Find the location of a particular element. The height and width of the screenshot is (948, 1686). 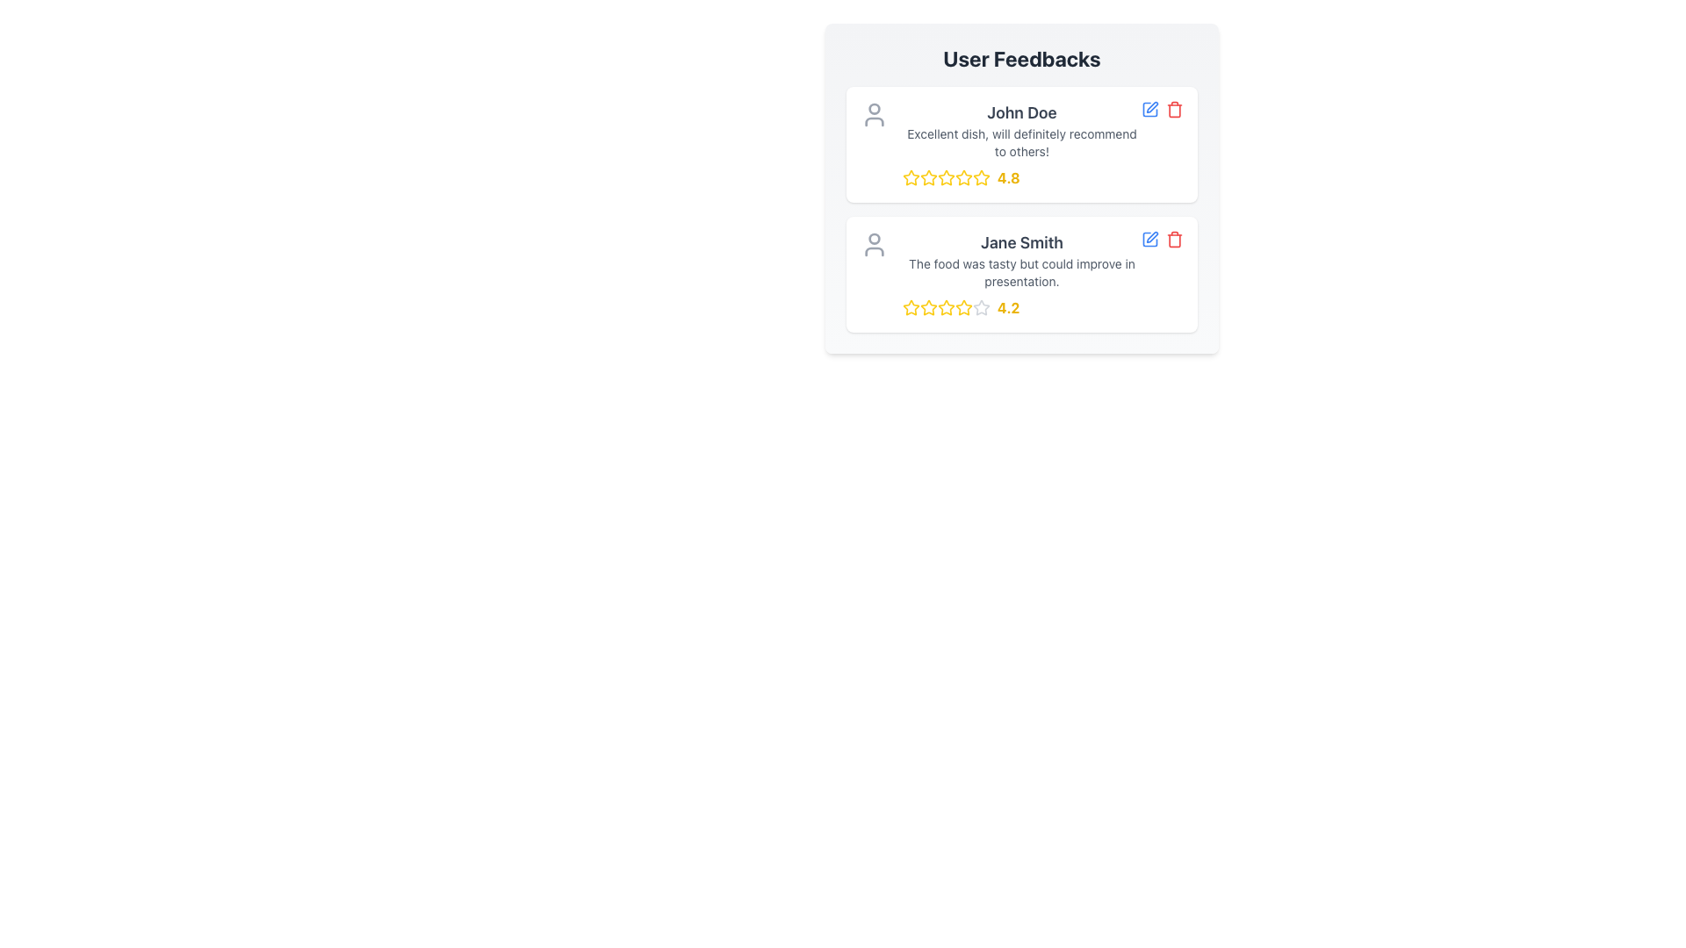

the user feedback icon representing 'Jane Smith' located to the left of the feedback text is located at coordinates (875, 244).